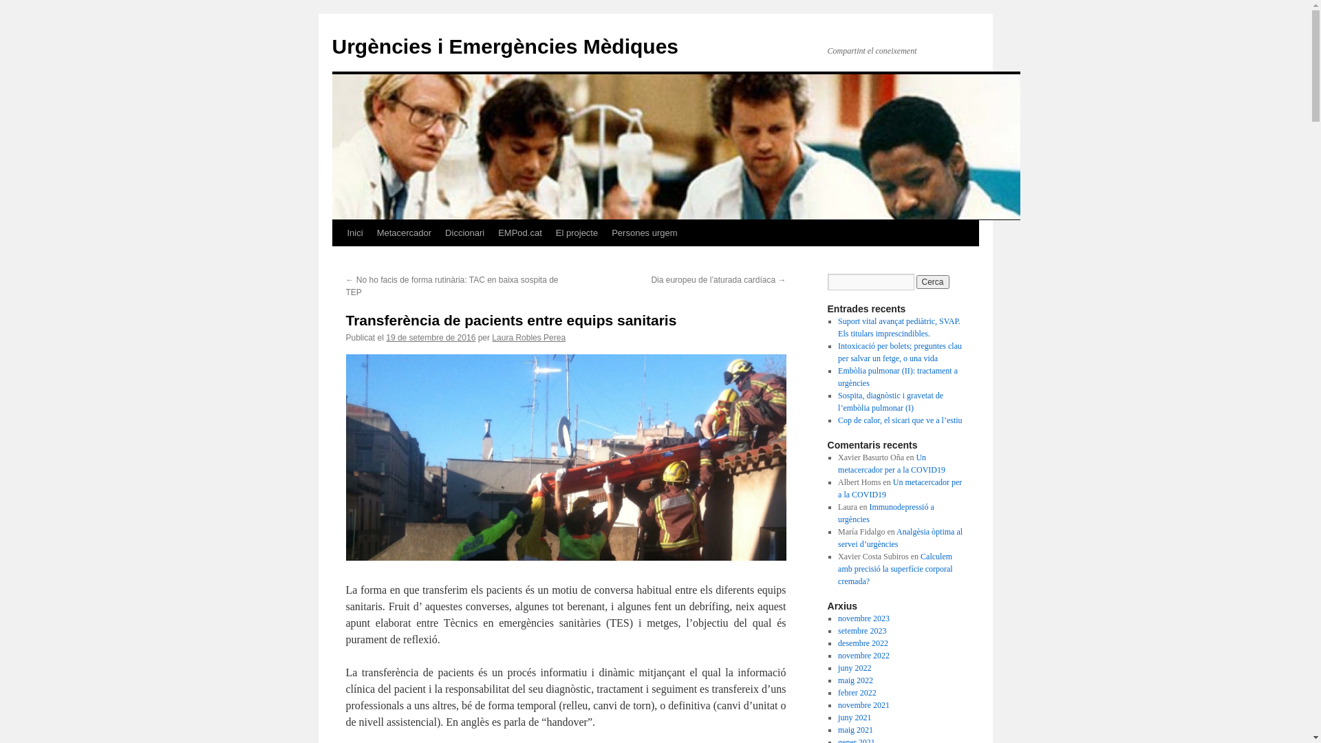  Describe the element at coordinates (862, 643) in the screenshot. I see `'desembre 2022'` at that location.